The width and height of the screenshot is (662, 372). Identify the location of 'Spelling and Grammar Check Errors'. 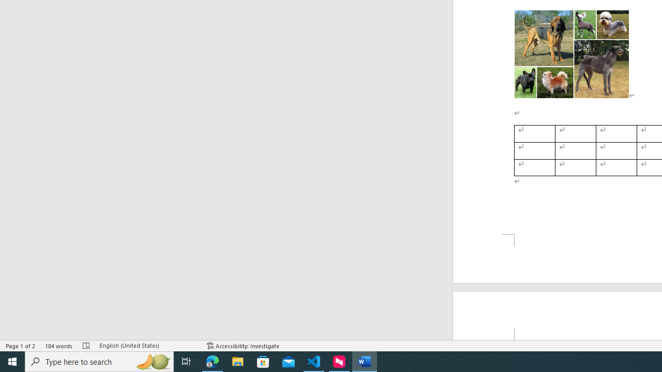
(87, 346).